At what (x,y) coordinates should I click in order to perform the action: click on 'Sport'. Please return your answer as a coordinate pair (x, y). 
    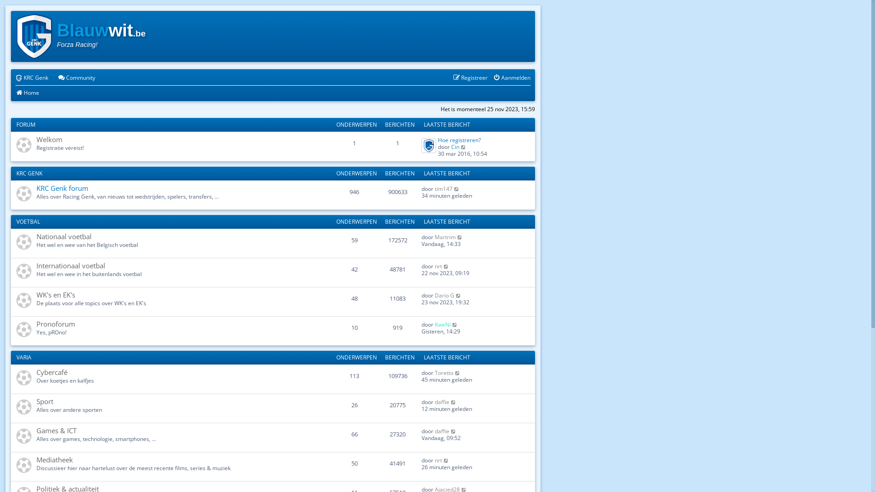
    Looking at the image, I should click on (36, 400).